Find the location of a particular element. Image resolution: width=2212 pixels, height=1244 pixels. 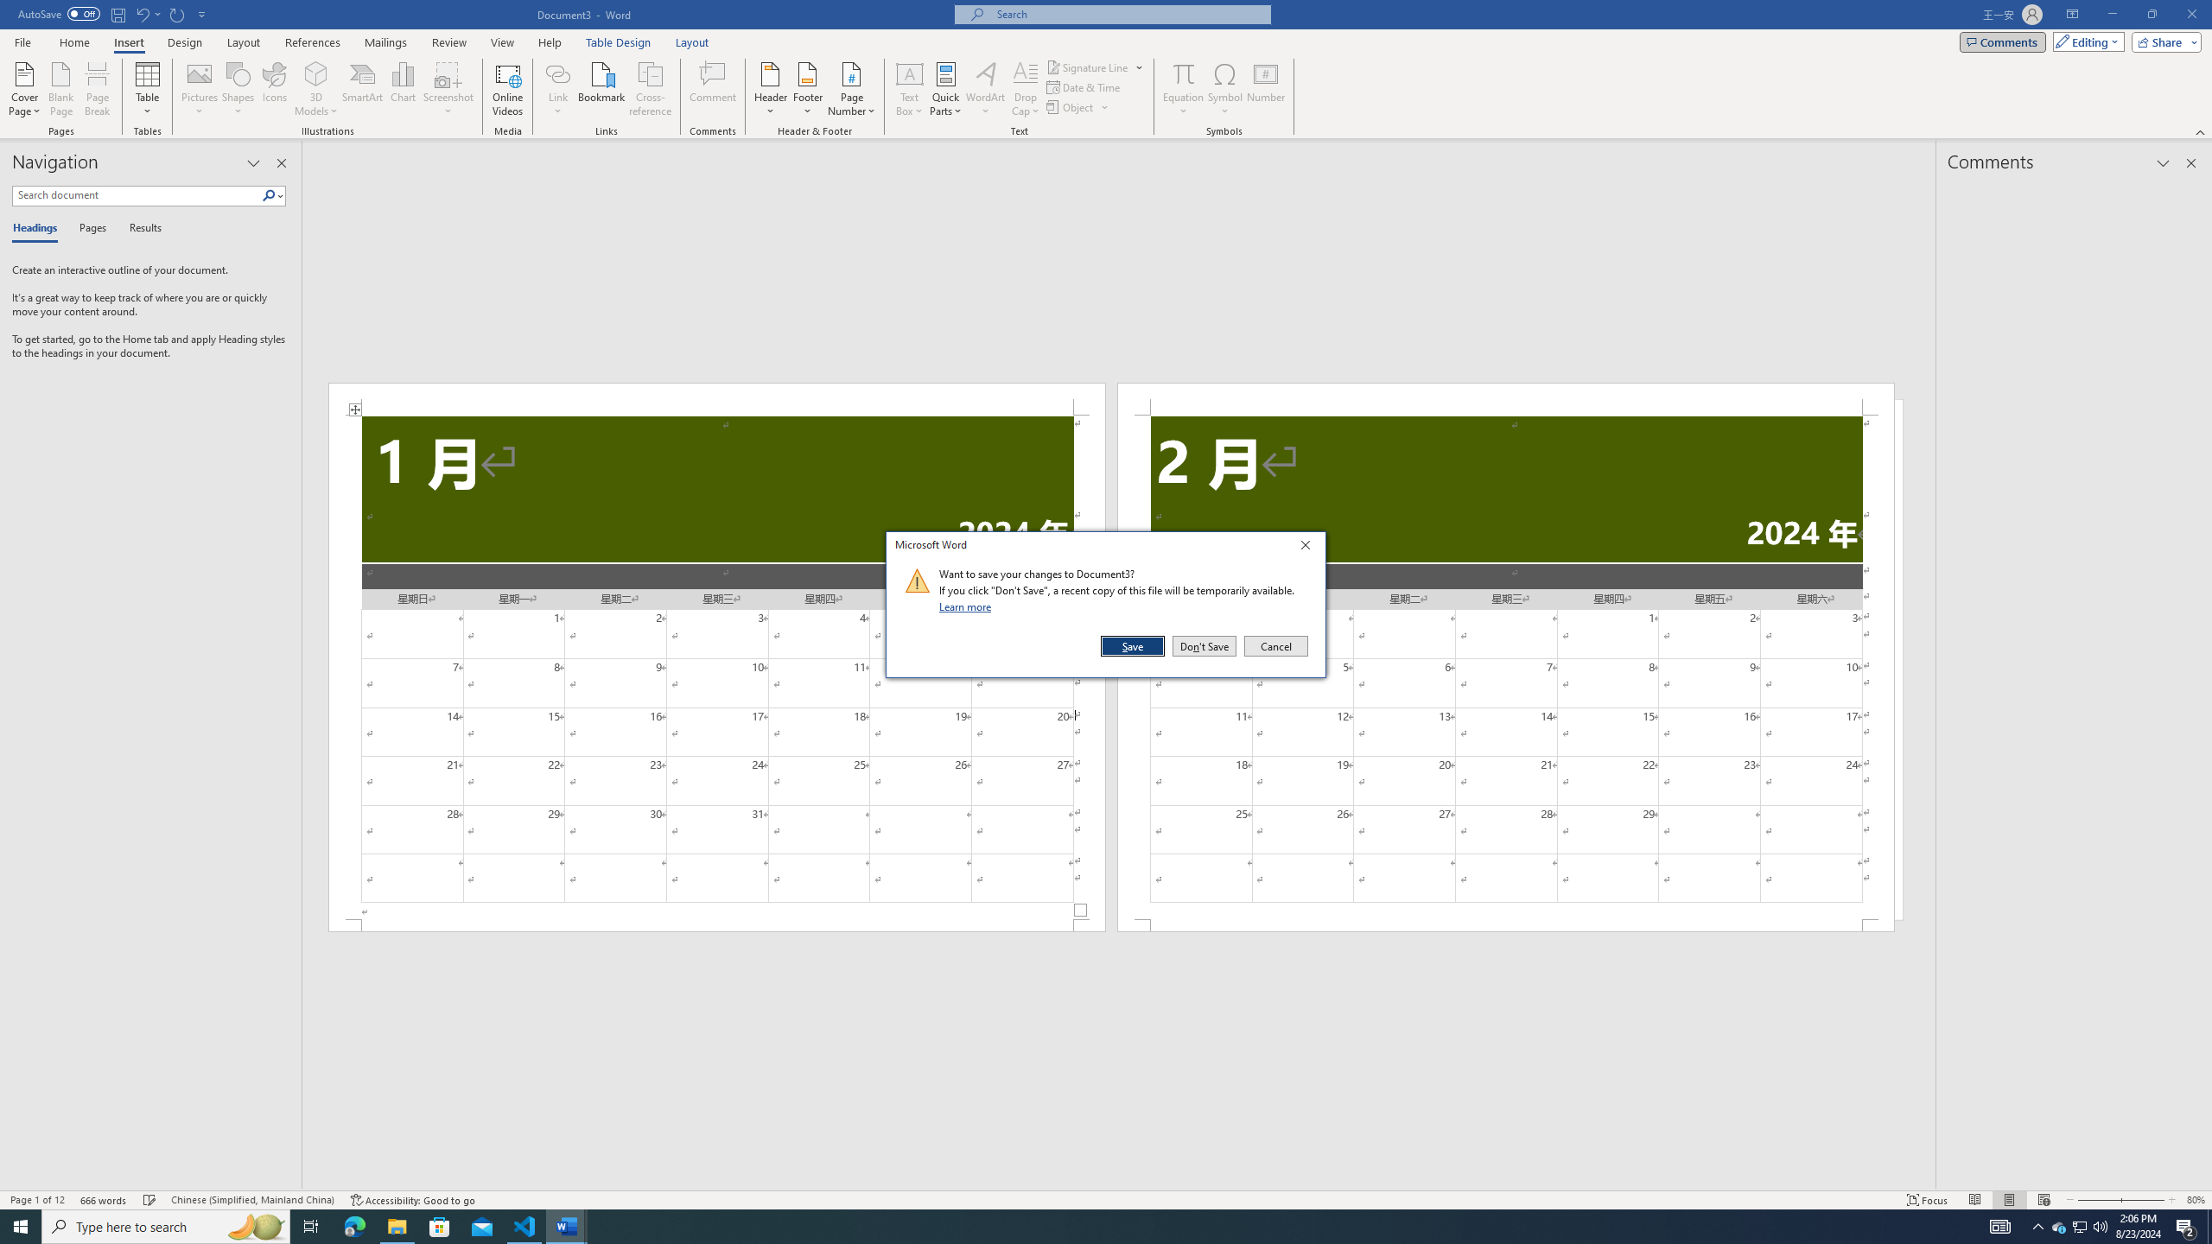

'Layout' is located at coordinates (691, 42).